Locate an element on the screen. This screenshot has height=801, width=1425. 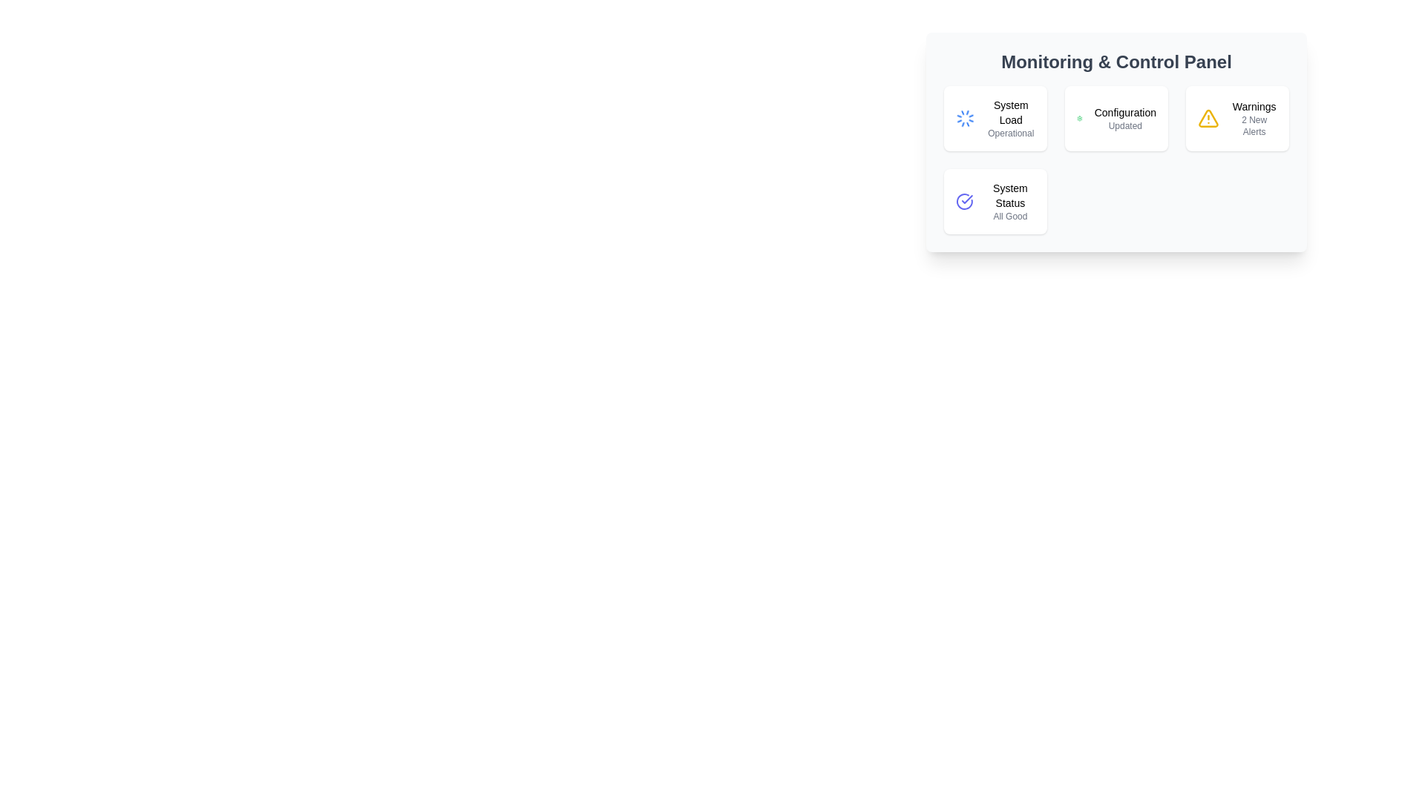
the text label displaying the word 'Updated' which is styled in a small, light gray font and positioned directly beneath the 'Configuration' text is located at coordinates (1125, 125).